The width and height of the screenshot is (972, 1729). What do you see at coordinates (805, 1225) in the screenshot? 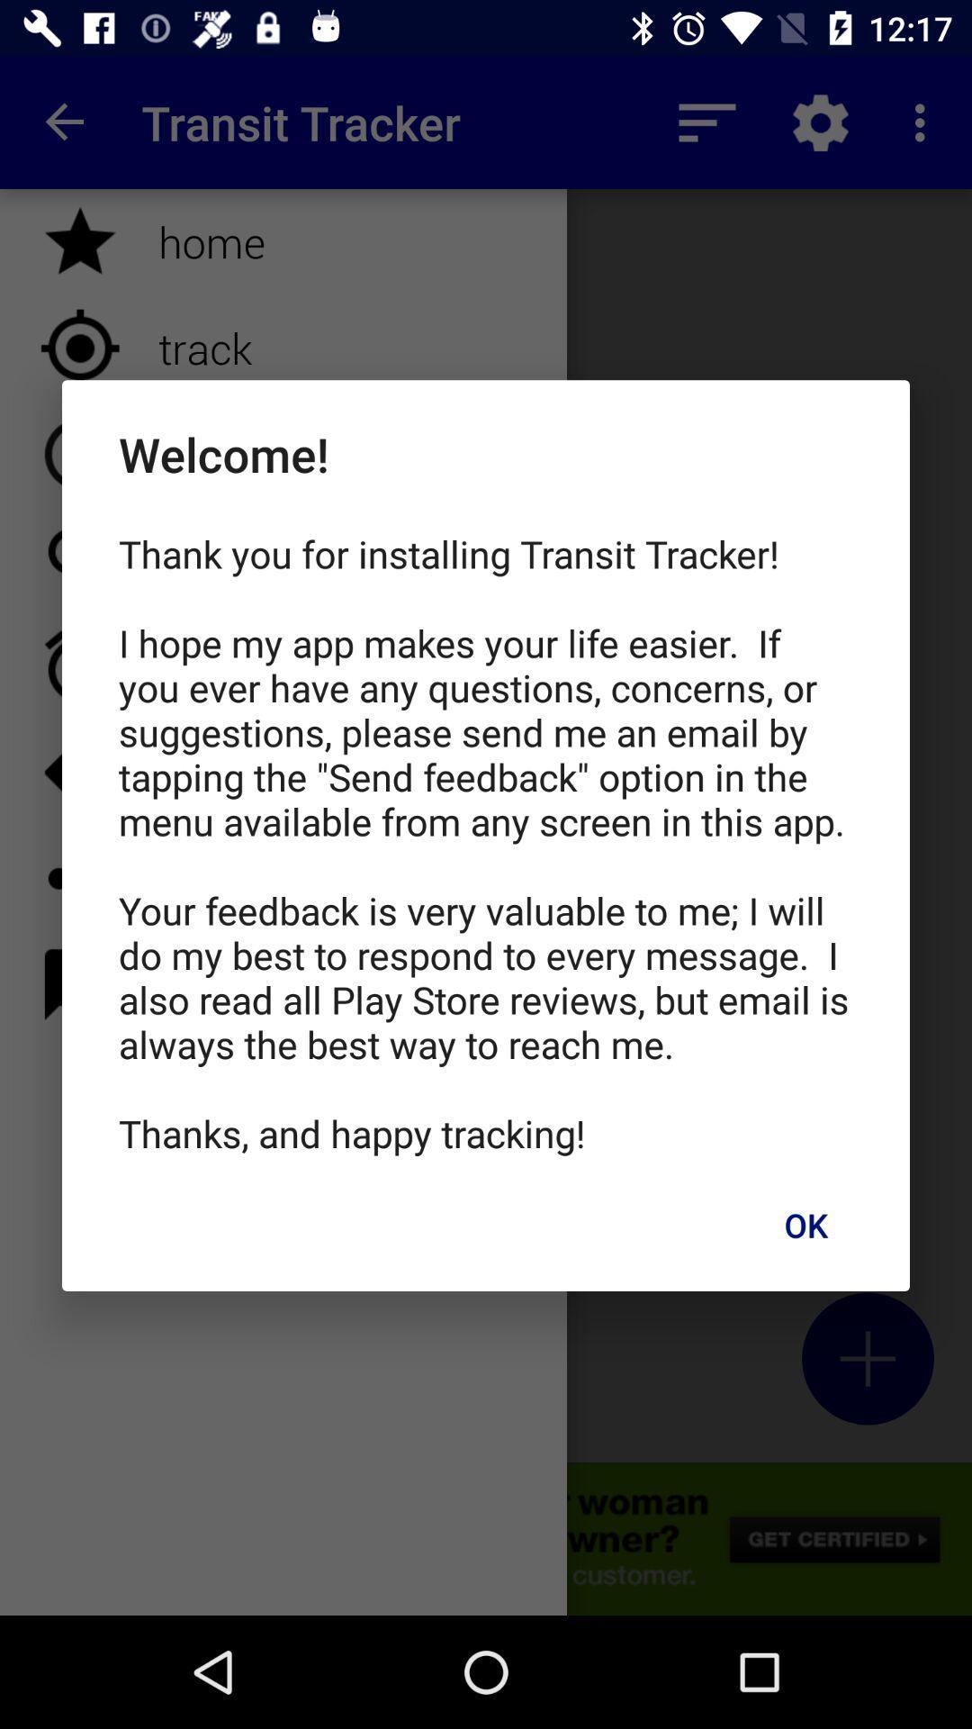
I see `item at the bottom right corner` at bounding box center [805, 1225].